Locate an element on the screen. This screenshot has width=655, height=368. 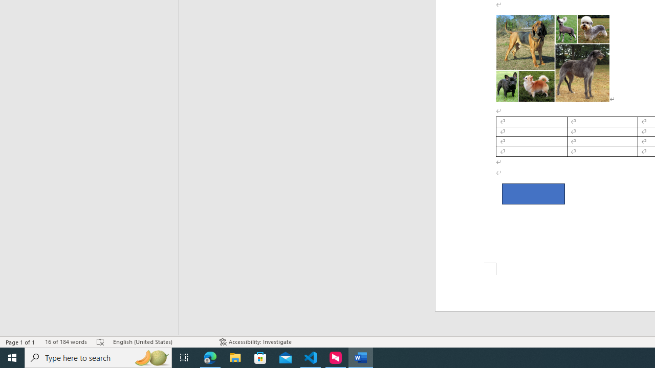
'Page Number Page 1 of 1' is located at coordinates (20, 342).